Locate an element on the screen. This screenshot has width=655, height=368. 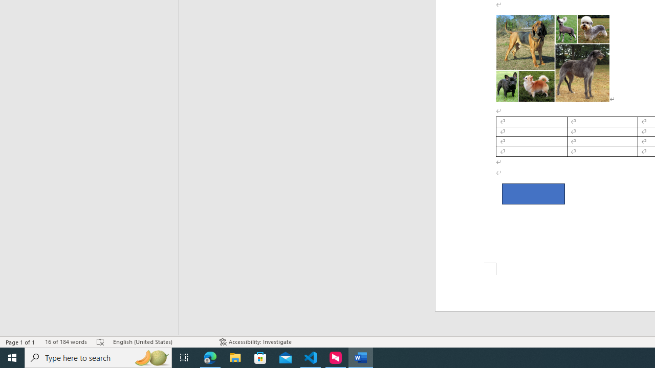
'Page Number Page 1 of 1' is located at coordinates (20, 342).